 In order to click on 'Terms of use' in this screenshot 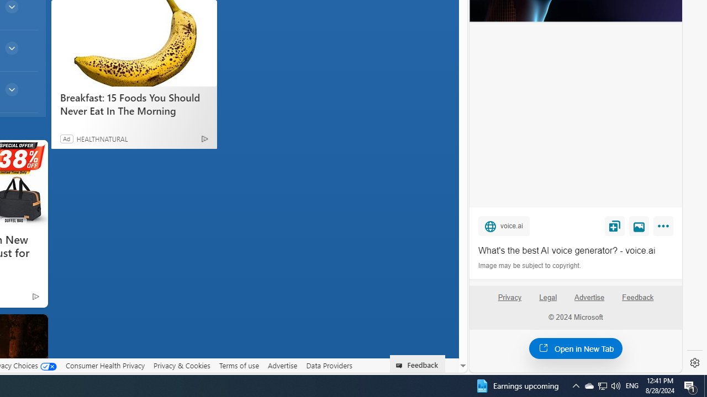, I will do `click(238, 366)`.